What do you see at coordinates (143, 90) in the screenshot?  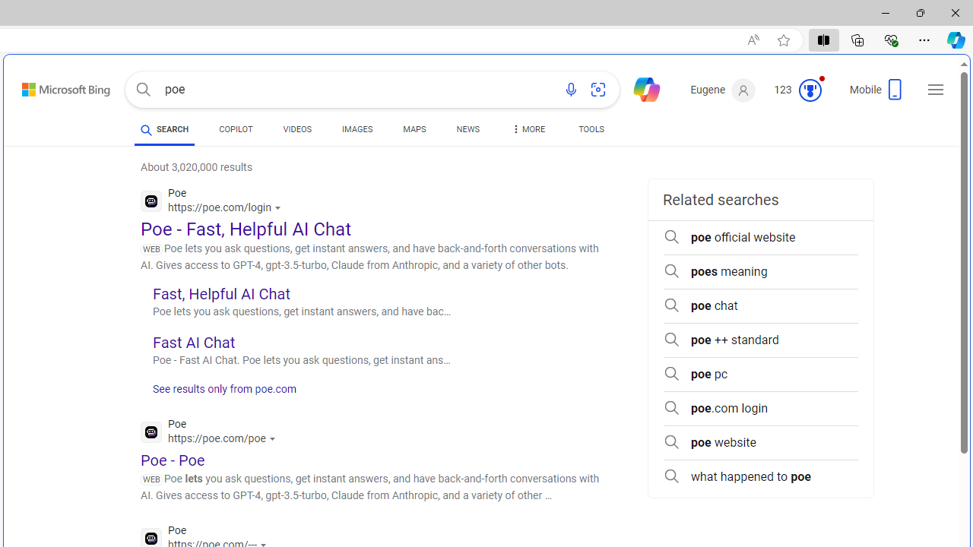 I see `'Search button'` at bounding box center [143, 90].